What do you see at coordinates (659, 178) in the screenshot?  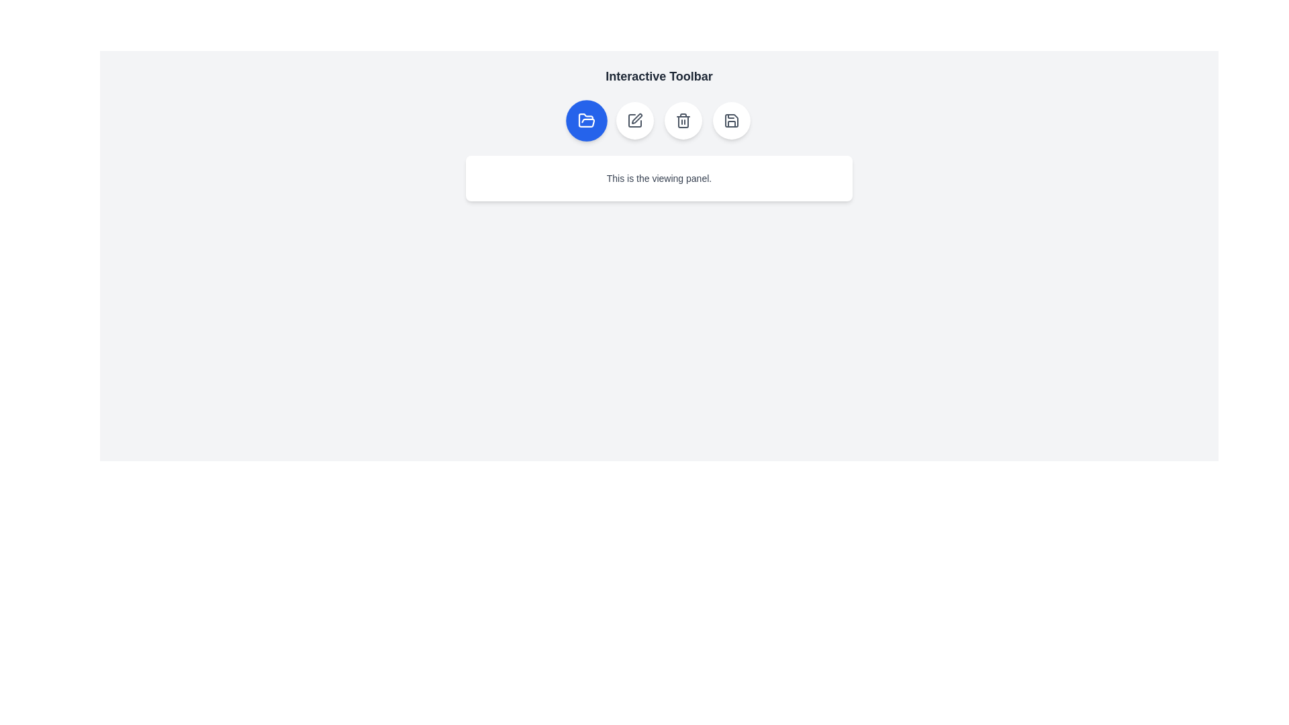 I see `the static text element displaying 'This is the viewing panel.' which is located in a centered white panel with rounded corners` at bounding box center [659, 178].